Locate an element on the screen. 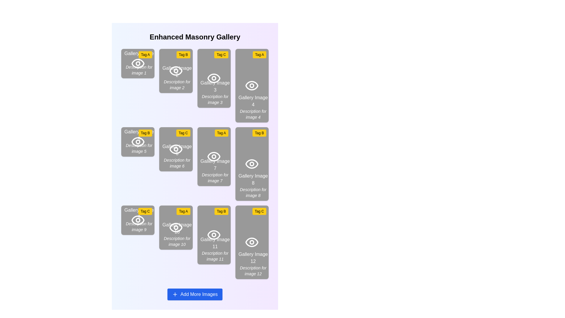 This screenshot has height=318, width=565. the circular icon located at the center of the eye-like graphic within the 'Gallery Image 3' card is located at coordinates (214, 78).